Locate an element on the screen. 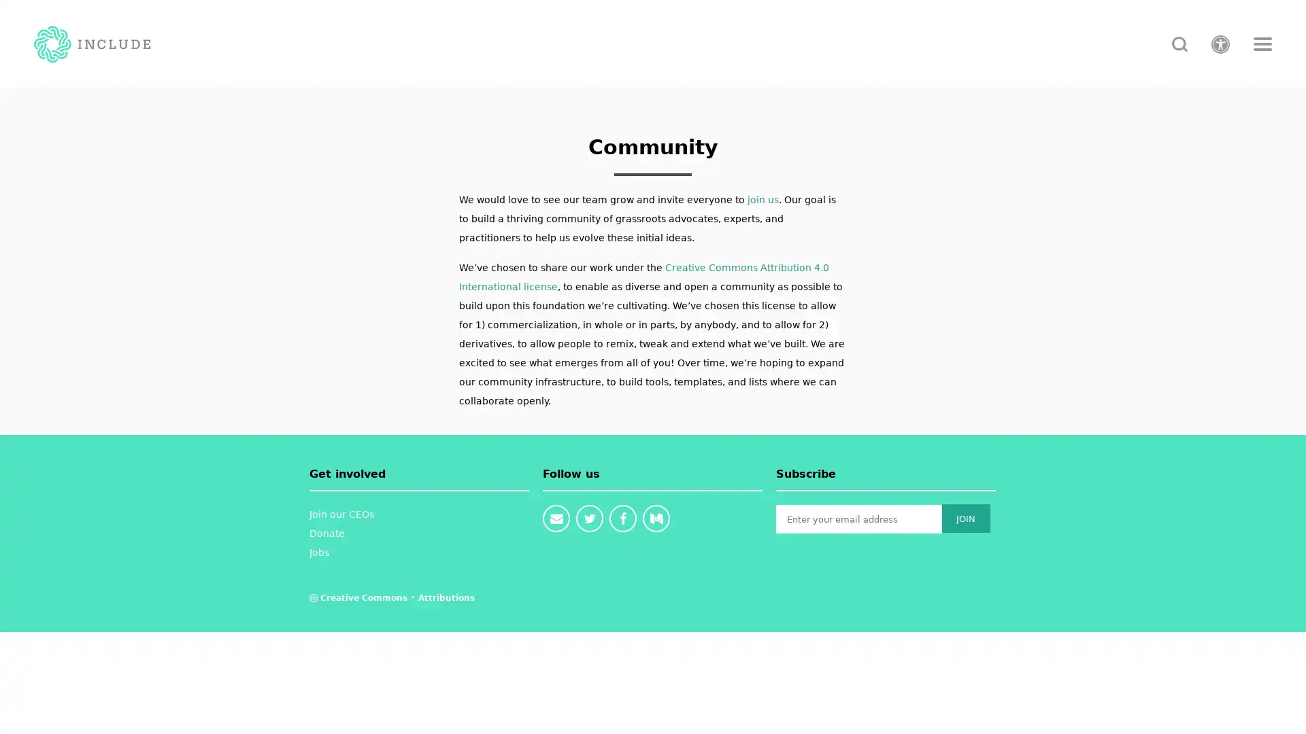 The height and width of the screenshot is (734, 1306). JOIN is located at coordinates (965, 519).